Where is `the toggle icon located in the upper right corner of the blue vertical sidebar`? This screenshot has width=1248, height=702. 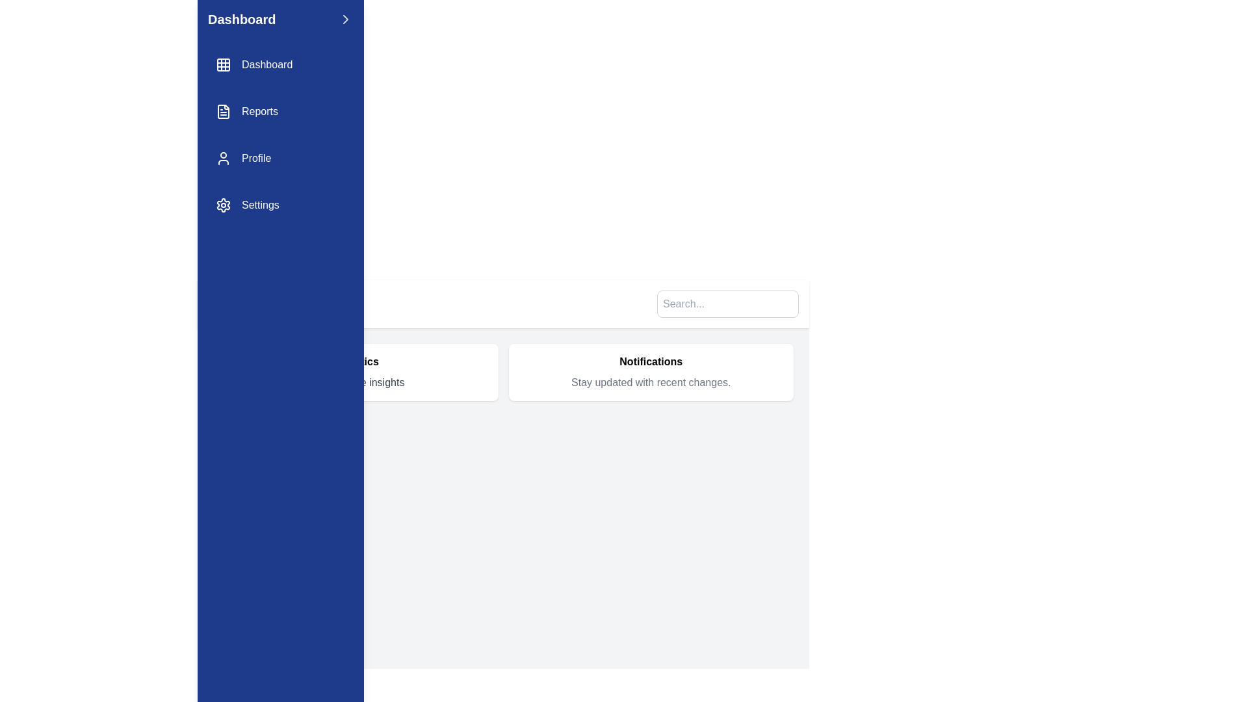 the toggle icon located in the upper right corner of the blue vertical sidebar is located at coordinates (346, 19).